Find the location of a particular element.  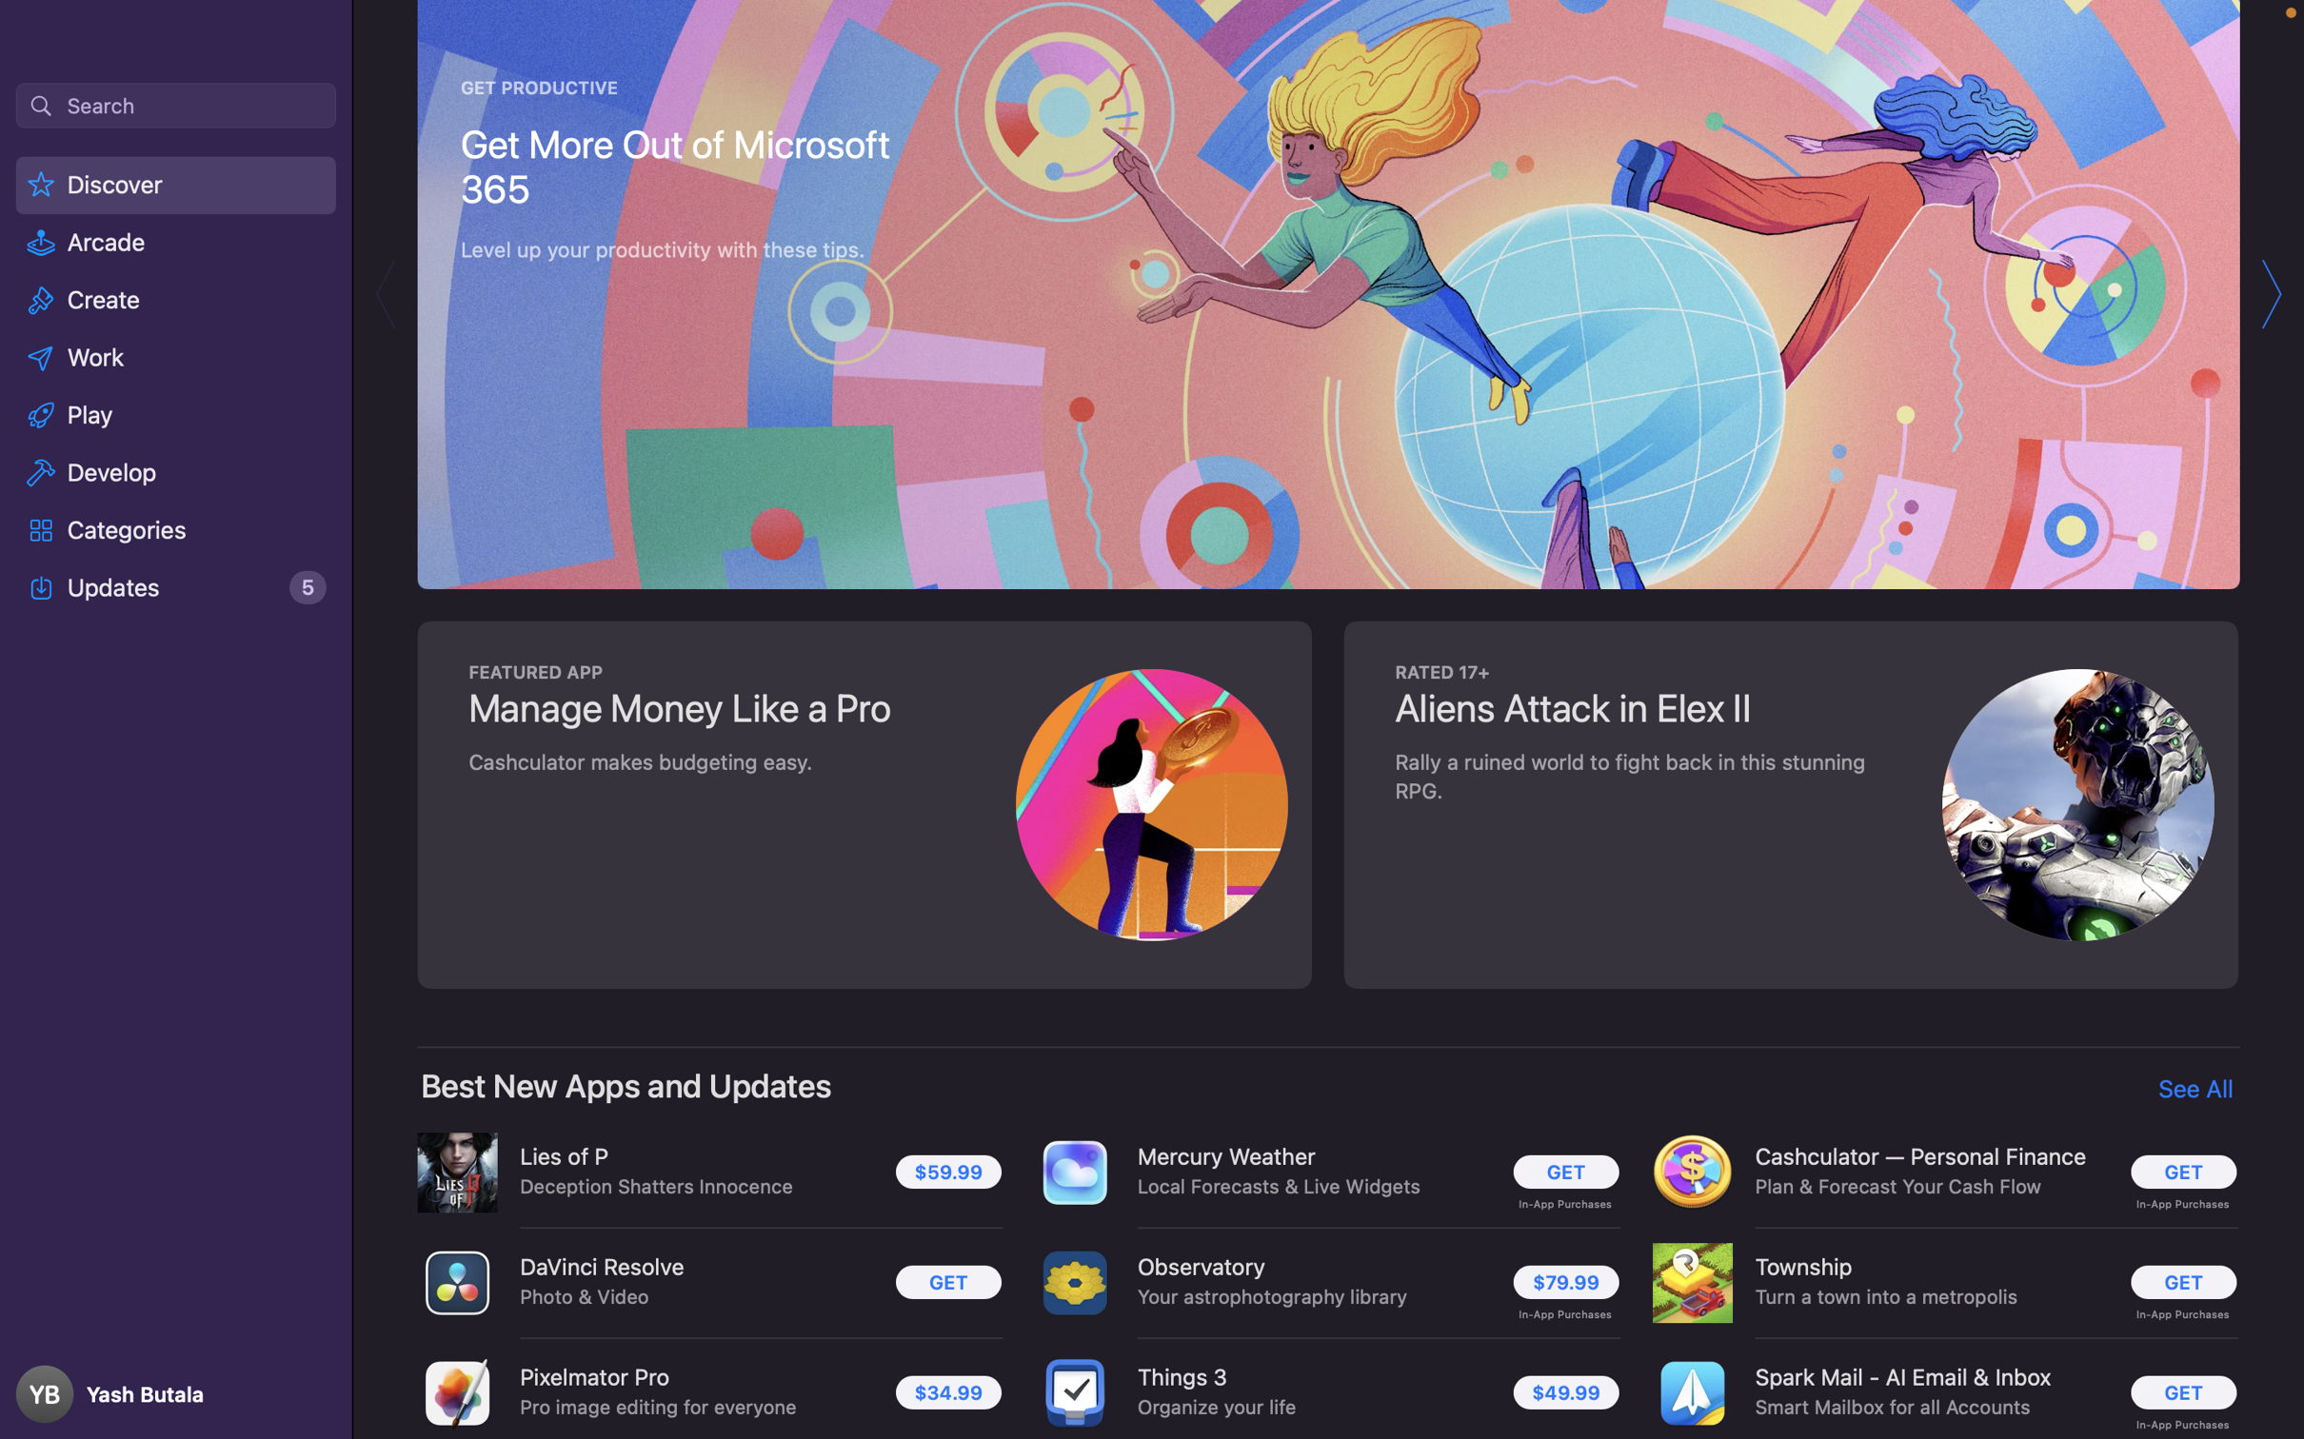

the "Updates" section is located at coordinates (176, 587).